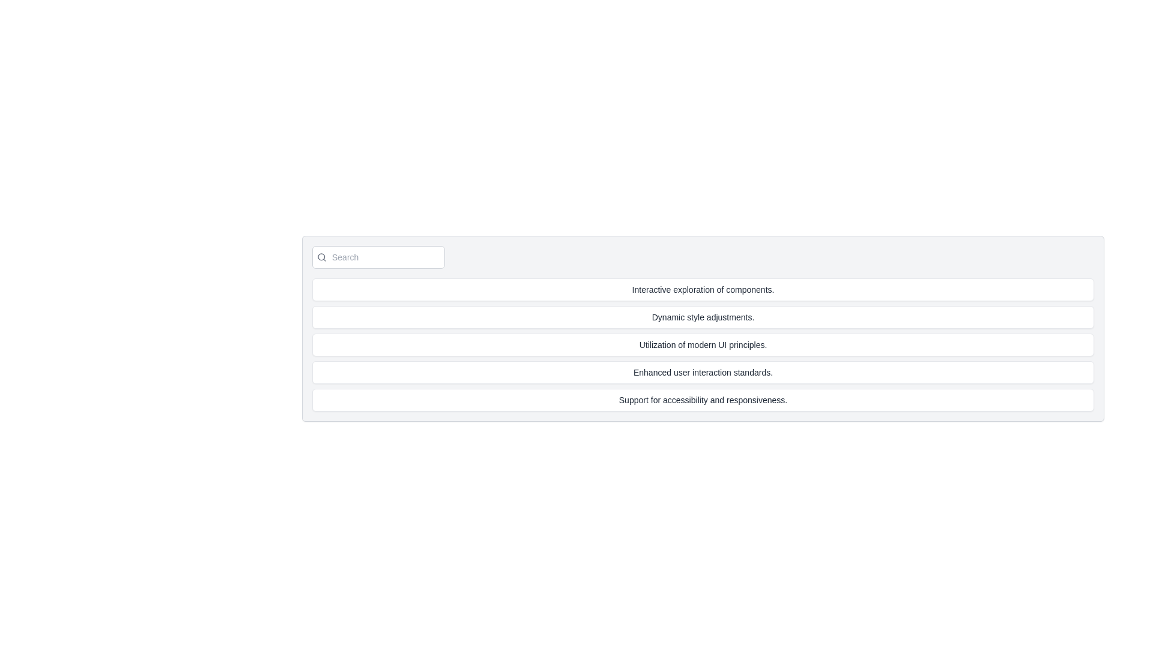 The image size is (1153, 648). I want to click on the lowercase 'm' character, so click(691, 344).